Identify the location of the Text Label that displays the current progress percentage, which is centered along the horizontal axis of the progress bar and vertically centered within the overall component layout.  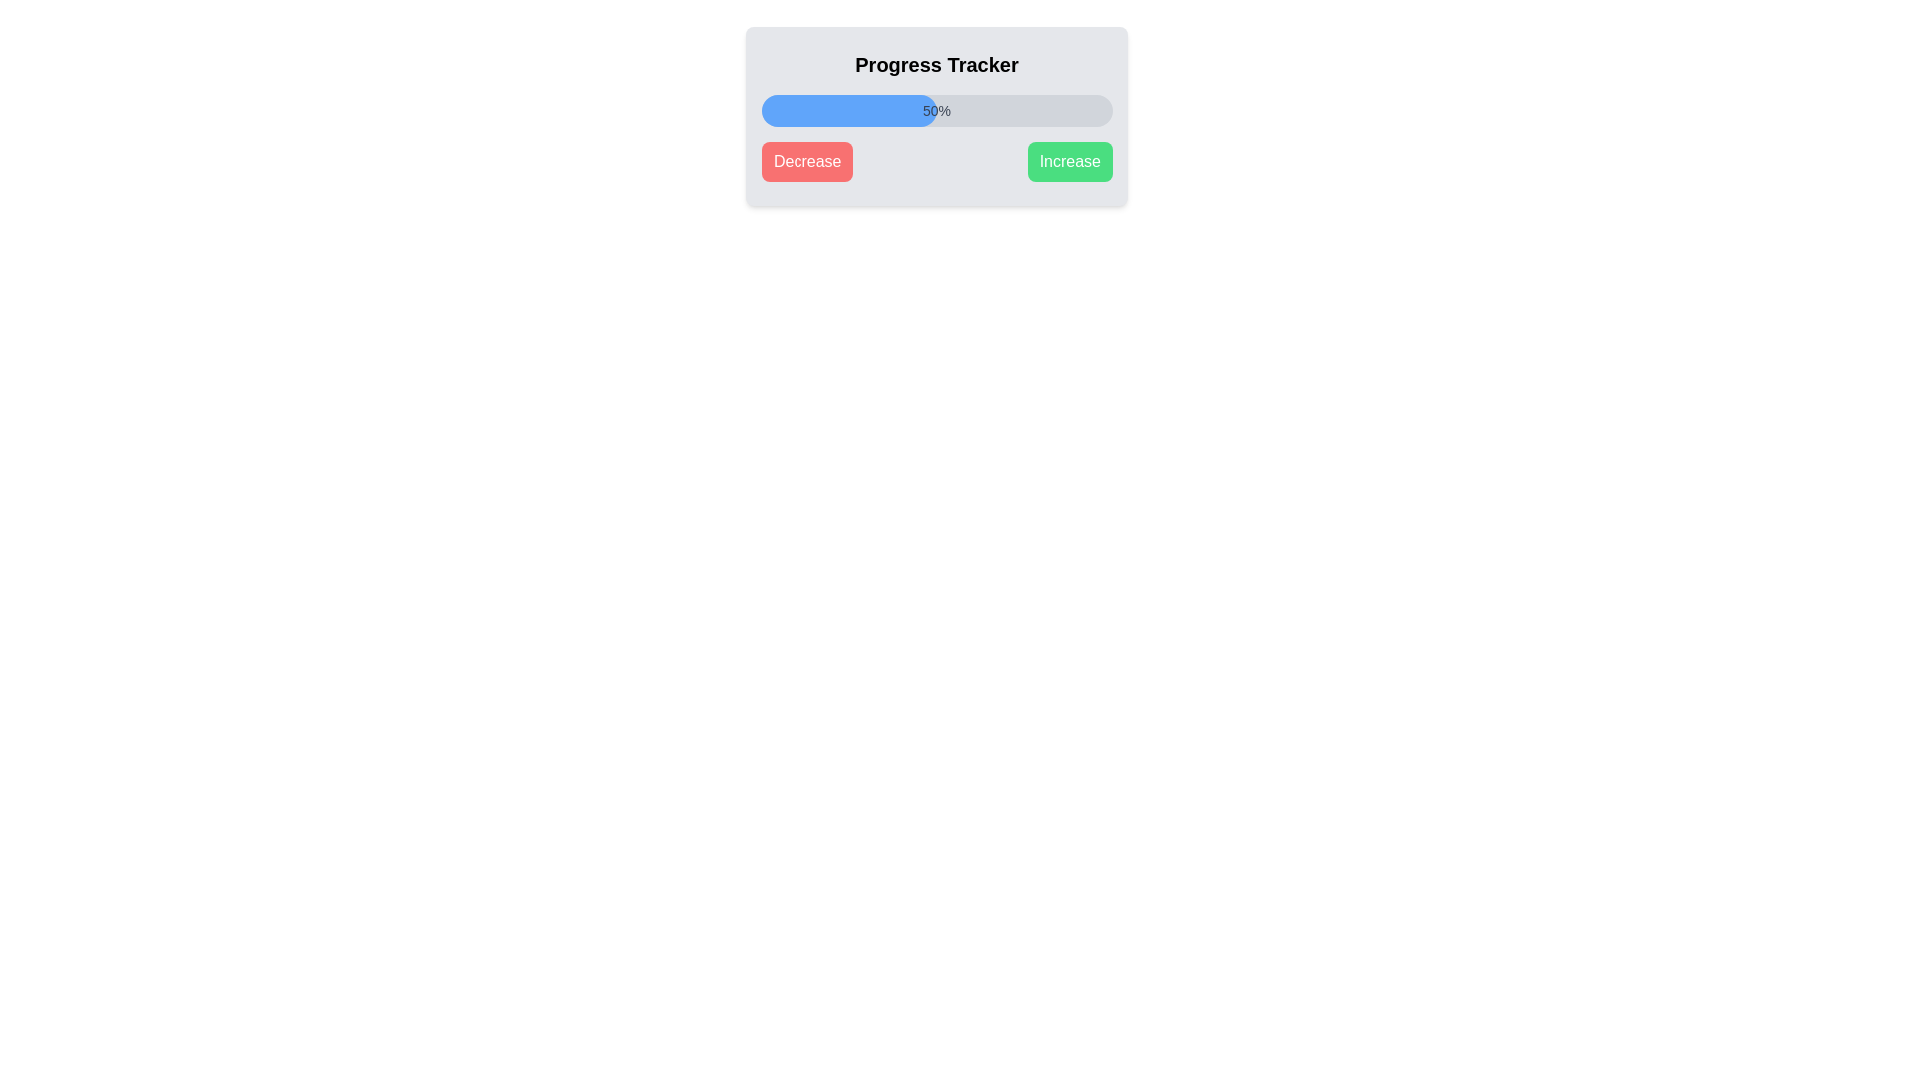
(936, 111).